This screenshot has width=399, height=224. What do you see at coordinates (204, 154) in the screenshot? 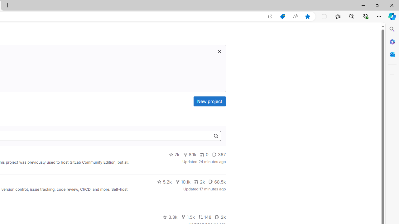
I see `'0'` at bounding box center [204, 154].